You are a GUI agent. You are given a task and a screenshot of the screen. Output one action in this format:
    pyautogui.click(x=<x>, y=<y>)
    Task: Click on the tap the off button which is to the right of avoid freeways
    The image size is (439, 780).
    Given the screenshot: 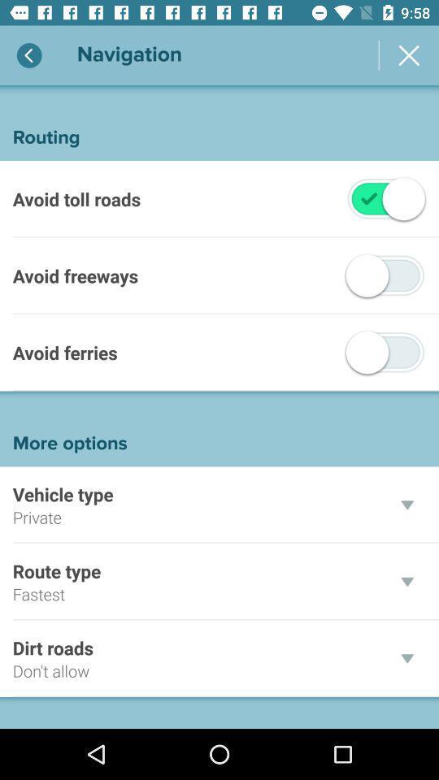 What is the action you would take?
    pyautogui.click(x=367, y=275)
    